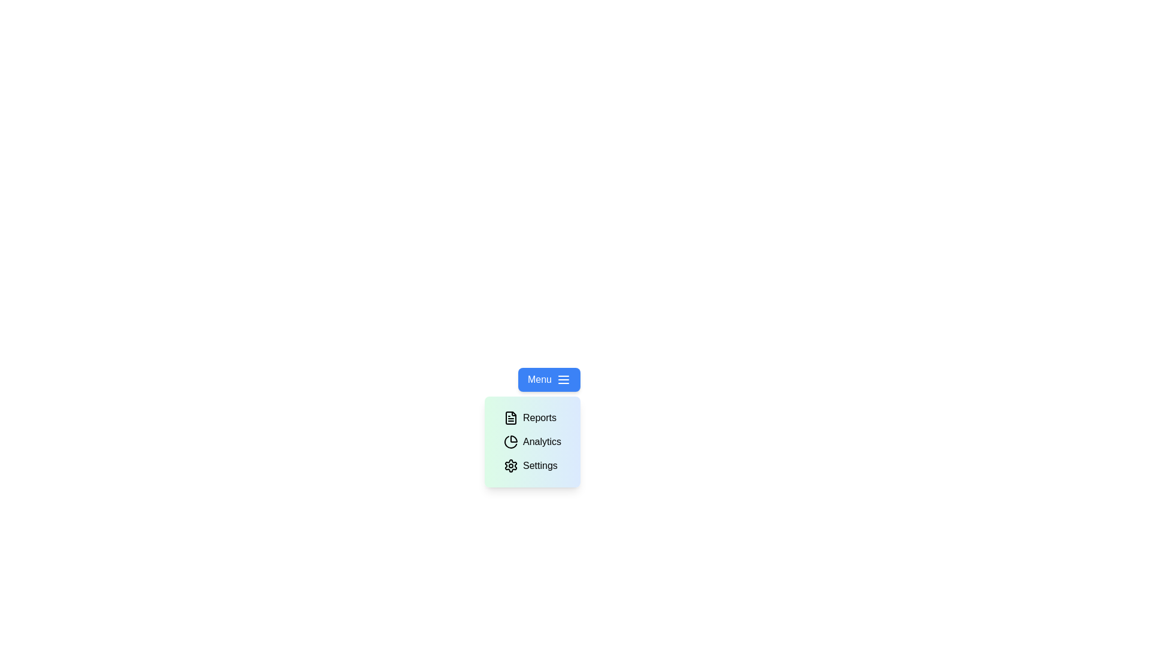  Describe the element at coordinates (530, 417) in the screenshot. I see `the 'Reports' option in the dropdown menu` at that location.